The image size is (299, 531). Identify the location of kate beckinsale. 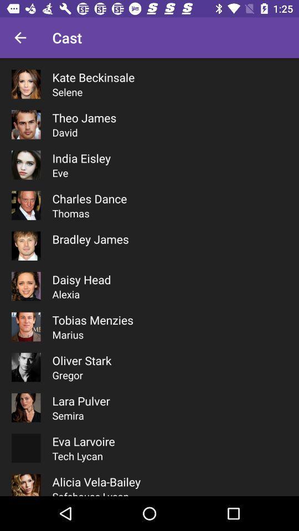
(92, 76).